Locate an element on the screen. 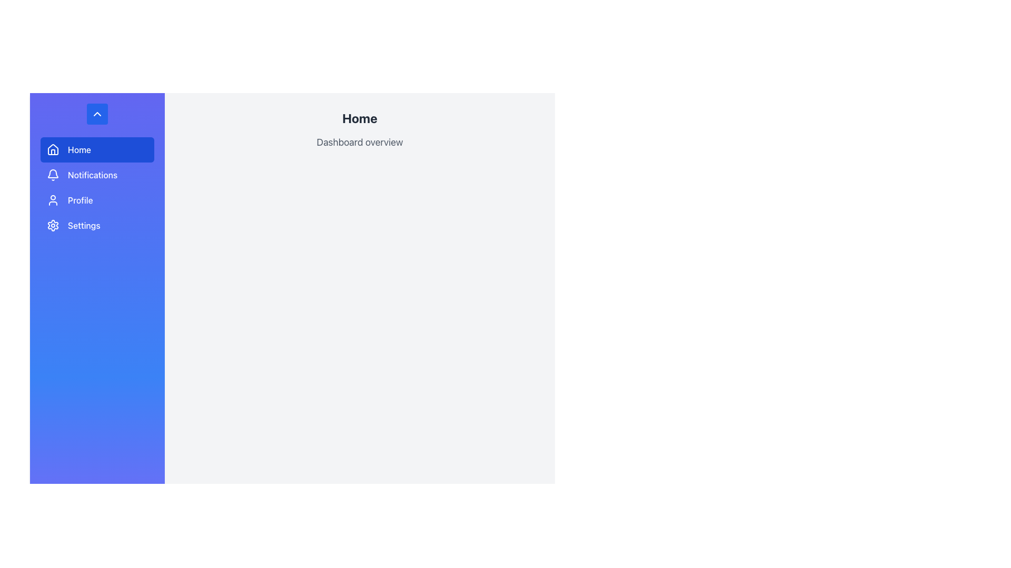 The image size is (1011, 568). the 'Profile' static text label located in the navigation sidebar, which is the third main navigation option below 'Notifications' and above 'Settings' is located at coordinates (80, 200).